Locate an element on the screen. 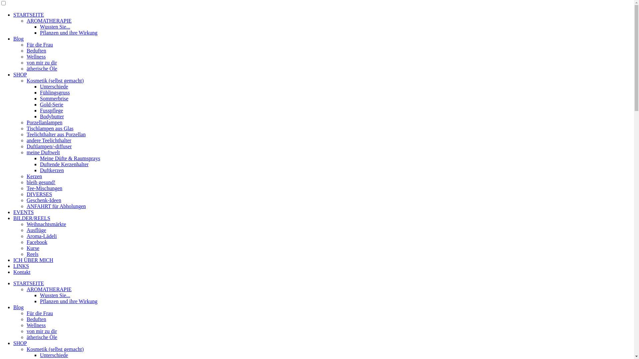  'Unterschiede' is located at coordinates (54, 355).